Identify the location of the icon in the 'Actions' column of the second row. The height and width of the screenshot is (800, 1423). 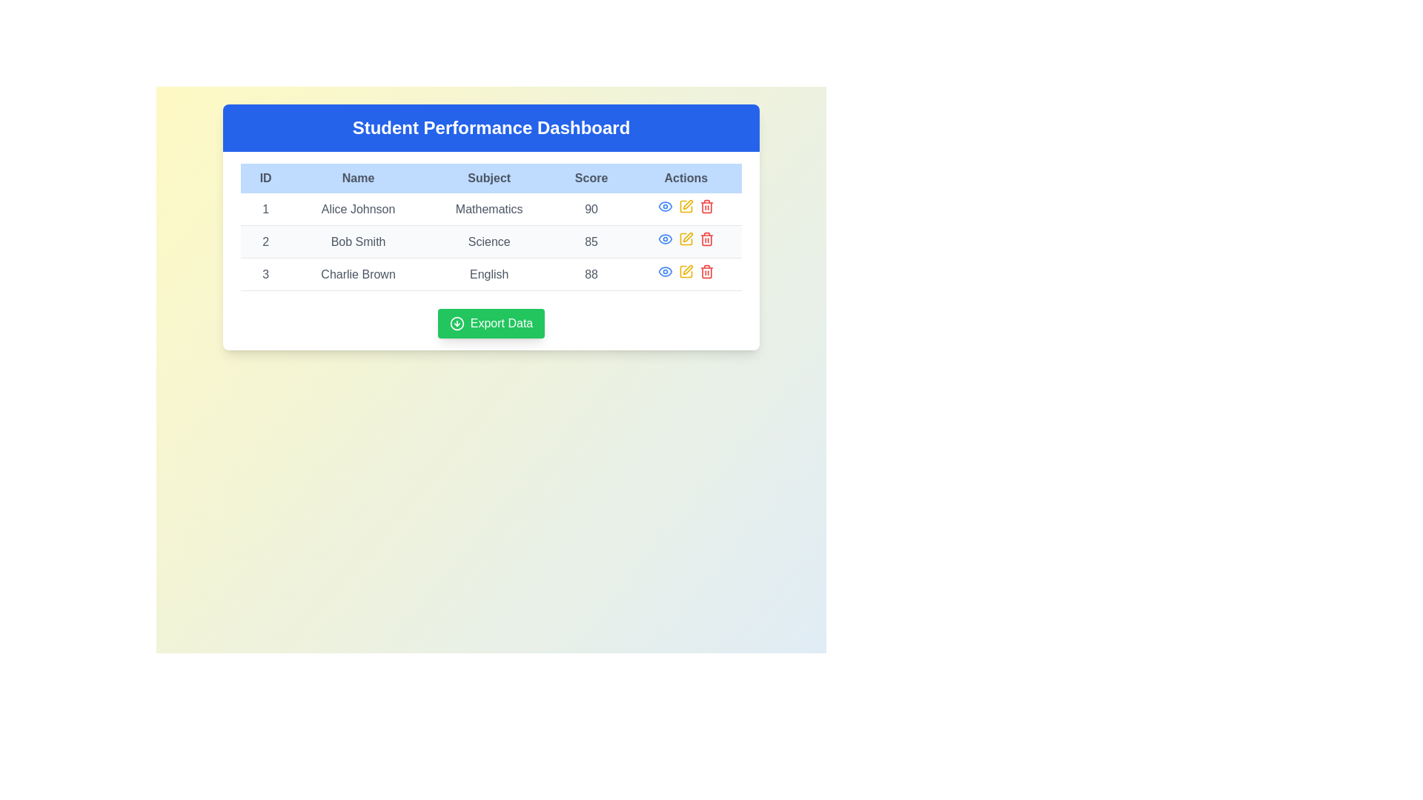
(664, 206).